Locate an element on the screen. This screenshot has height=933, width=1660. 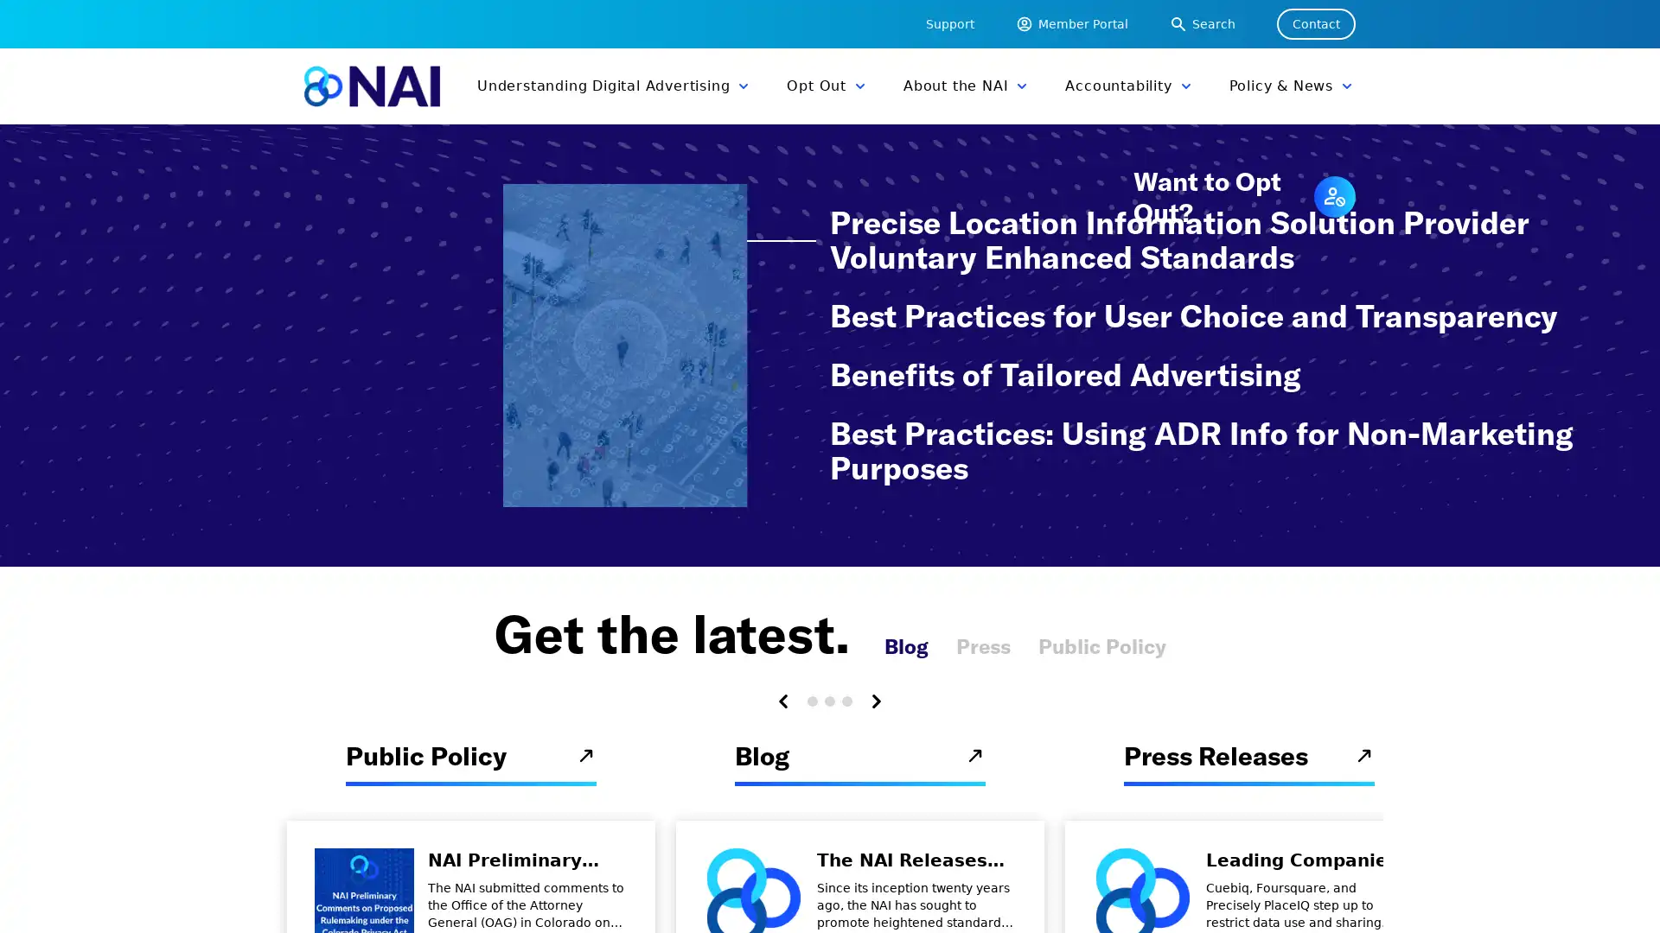
Blog is located at coordinates (904, 646).